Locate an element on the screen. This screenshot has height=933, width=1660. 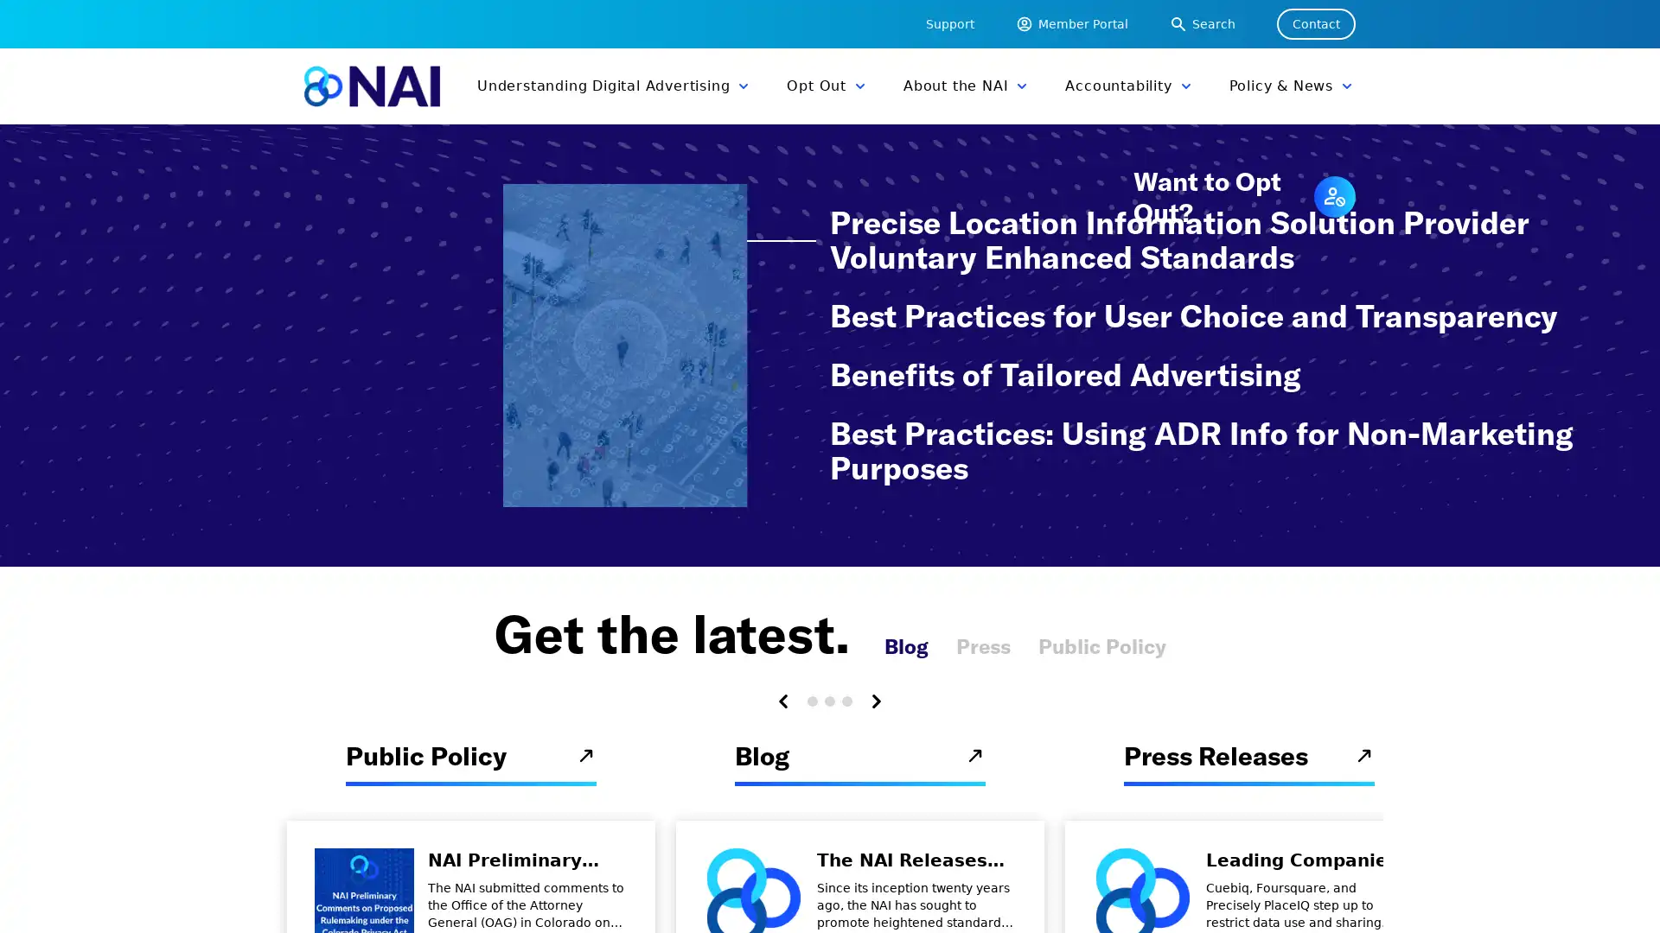
Blog is located at coordinates (904, 646).